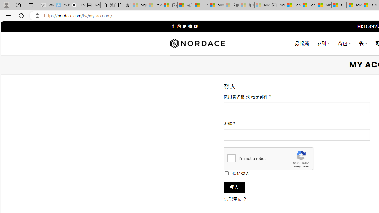  Describe the element at coordinates (139, 5) in the screenshot. I see `'Sign in to your Microsoft account - Sleeping'` at that location.